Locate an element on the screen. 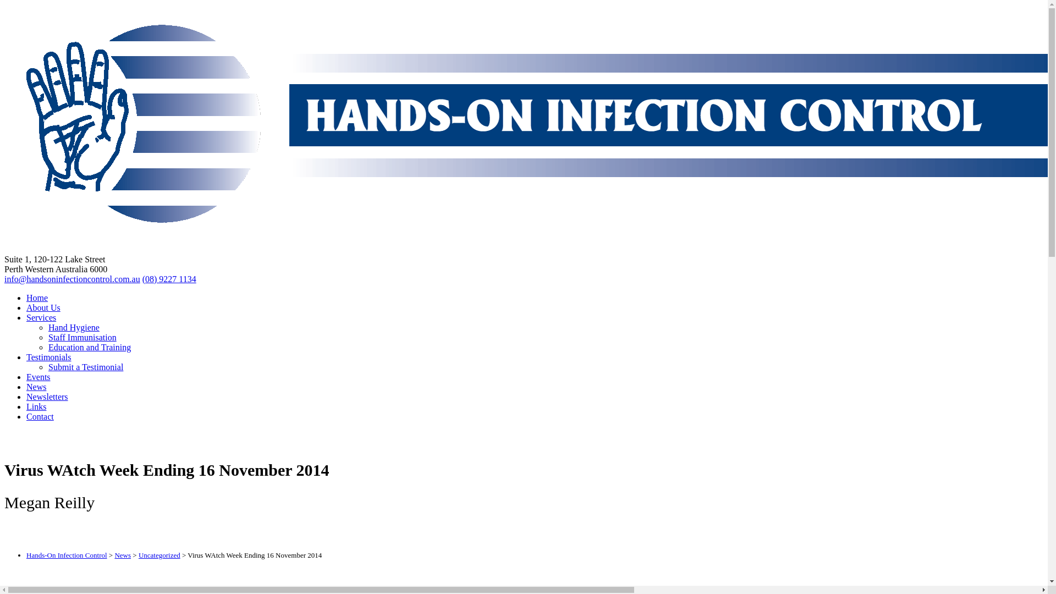 This screenshot has height=594, width=1056. 'Links' is located at coordinates (36, 406).